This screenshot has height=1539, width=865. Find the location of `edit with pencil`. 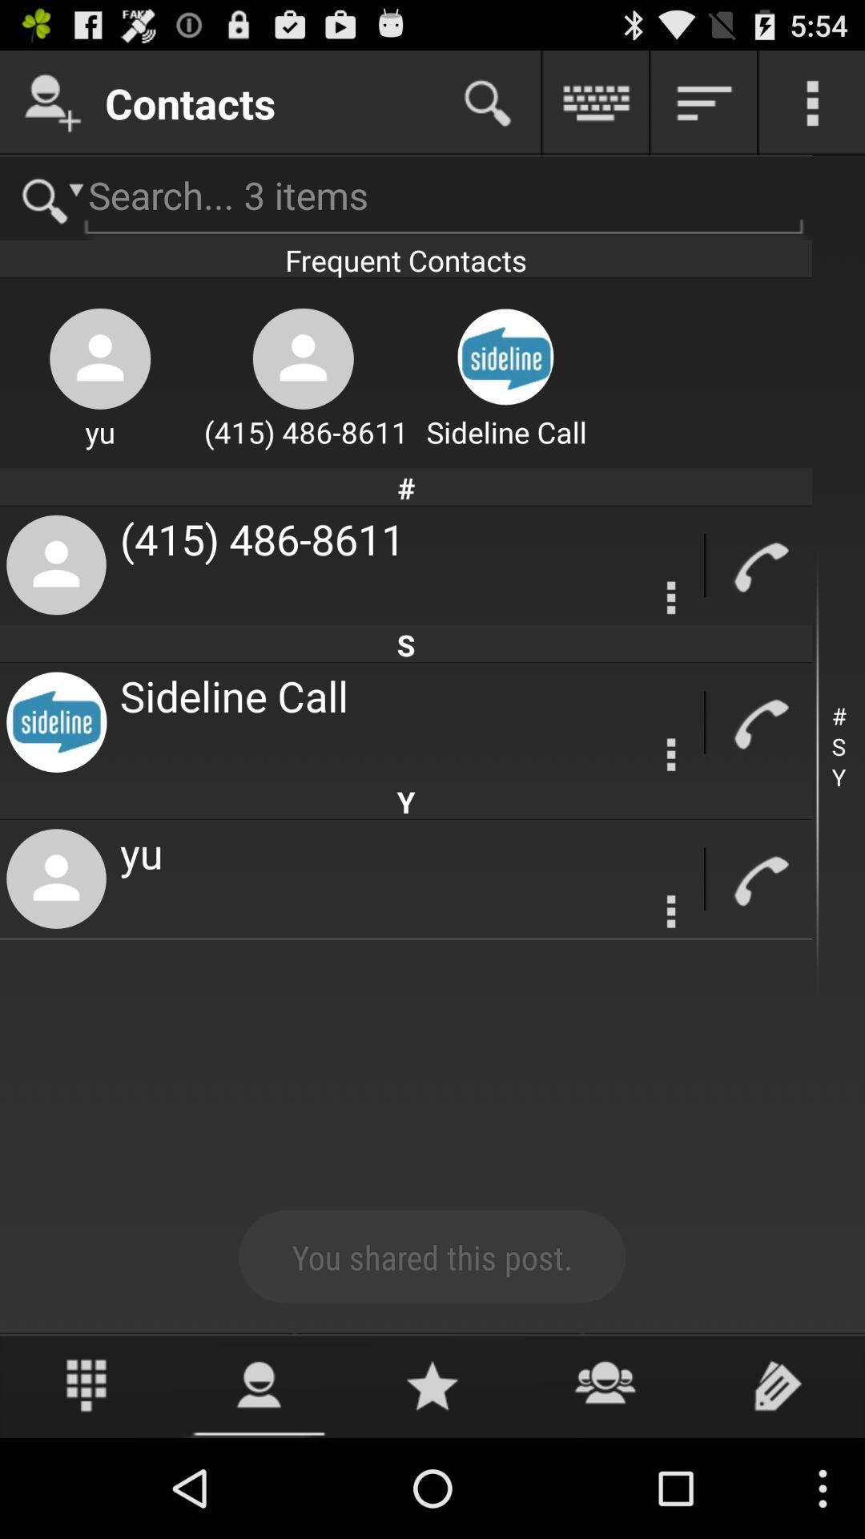

edit with pencil is located at coordinates (778, 1384).